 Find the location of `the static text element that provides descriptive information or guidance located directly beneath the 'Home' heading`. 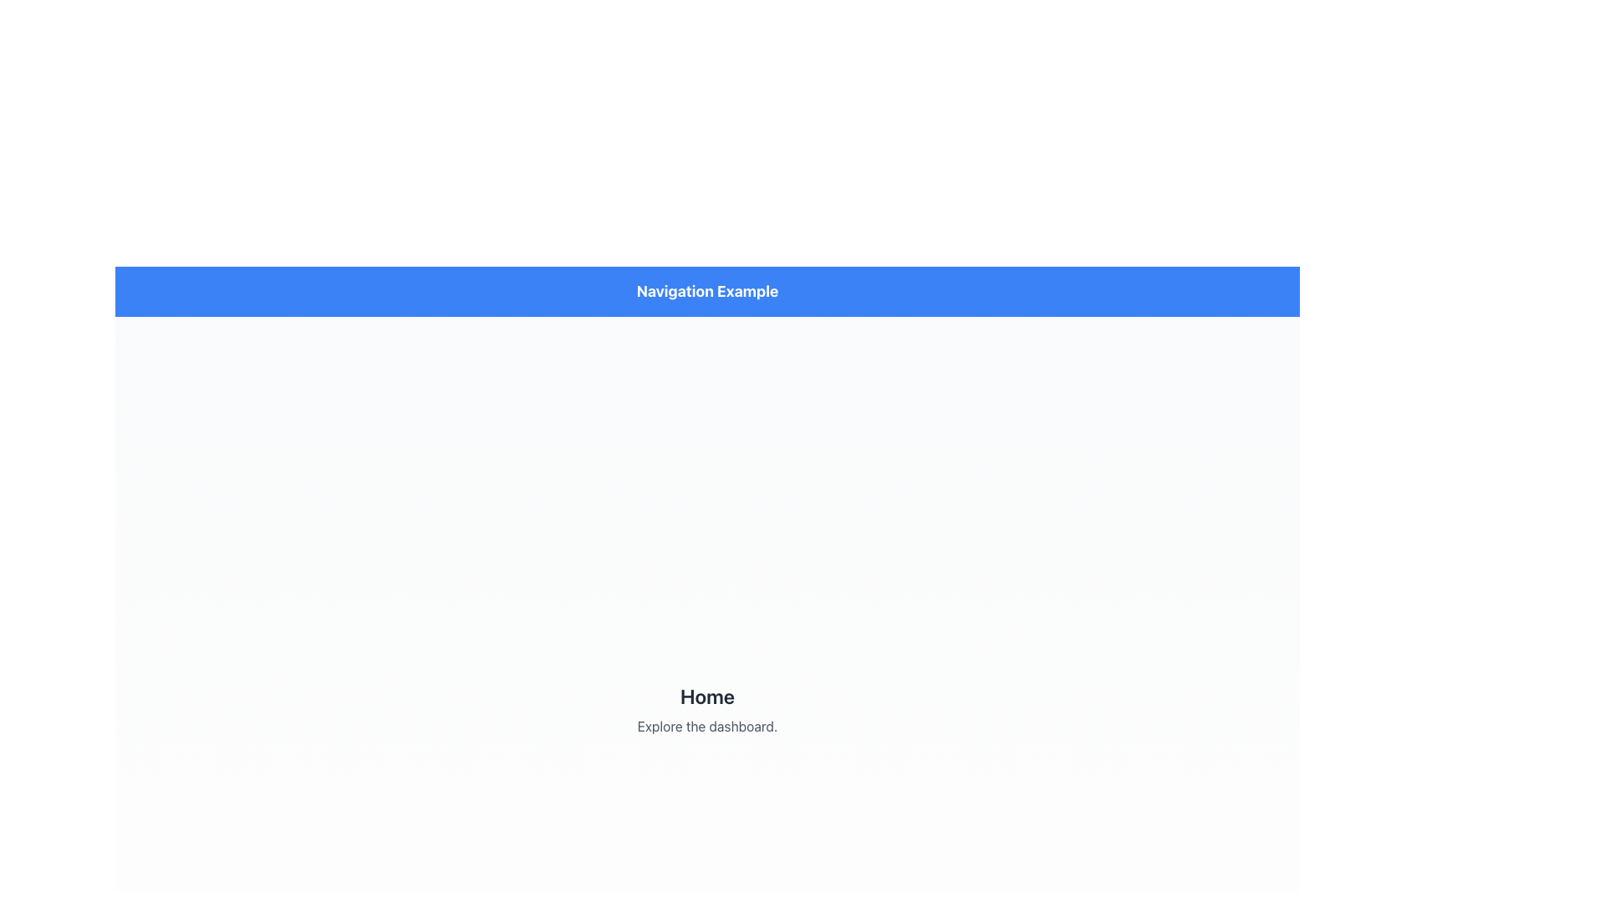

the static text element that provides descriptive information or guidance located directly beneath the 'Home' heading is located at coordinates (707, 725).